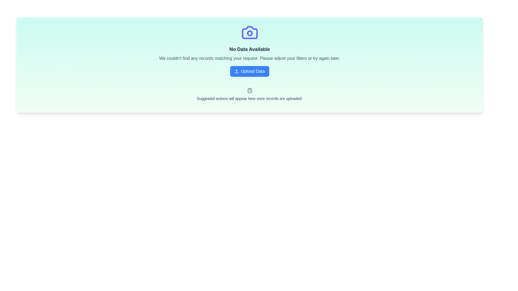 The image size is (518, 291). What do you see at coordinates (249, 90) in the screenshot?
I see `the SVG graphical element resembling a clipboard located in the bottom section of the interface, below the main no-data panel` at bounding box center [249, 90].